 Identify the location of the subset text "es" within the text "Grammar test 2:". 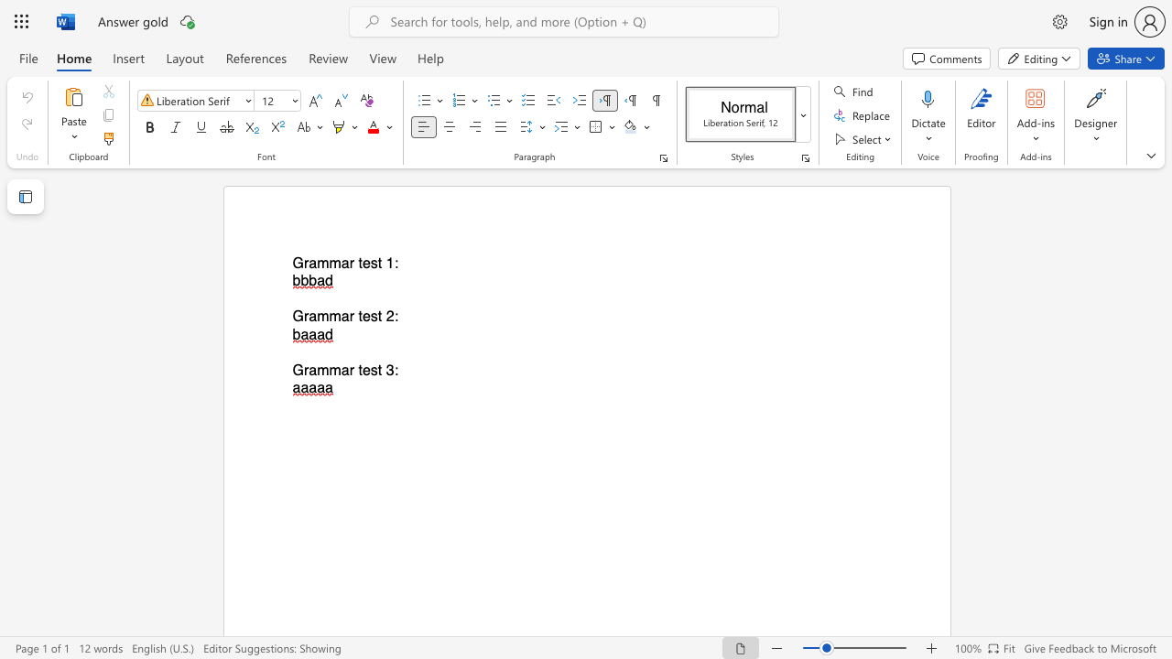
(362, 316).